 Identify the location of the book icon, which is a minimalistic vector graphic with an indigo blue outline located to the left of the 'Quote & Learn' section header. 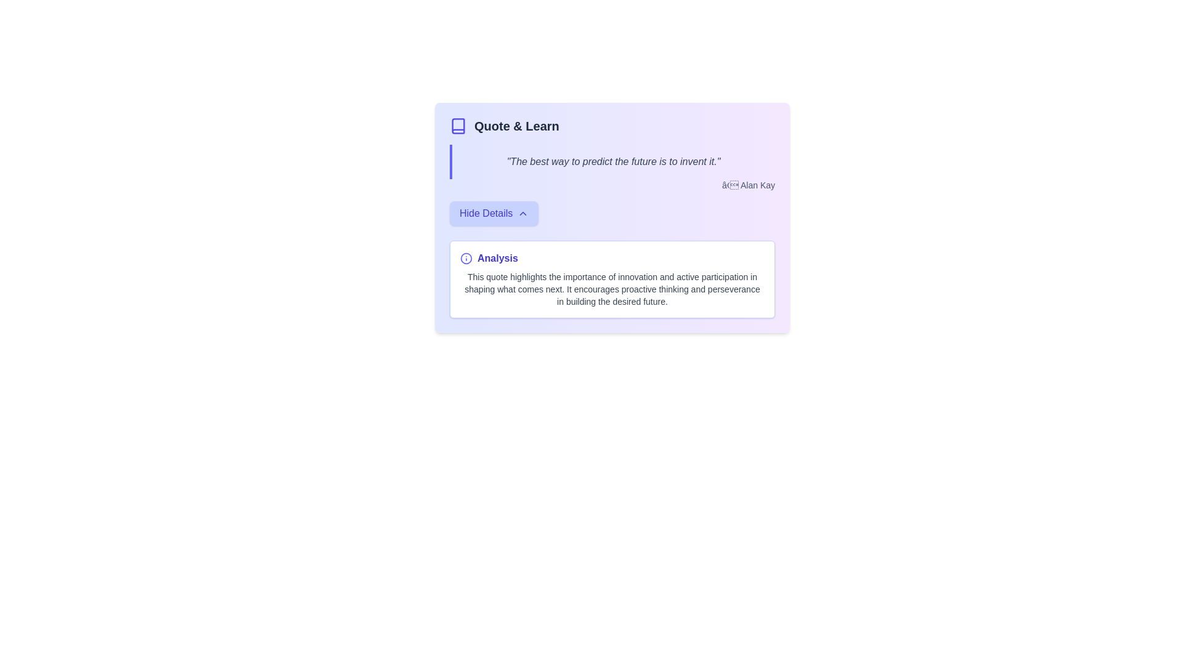
(458, 126).